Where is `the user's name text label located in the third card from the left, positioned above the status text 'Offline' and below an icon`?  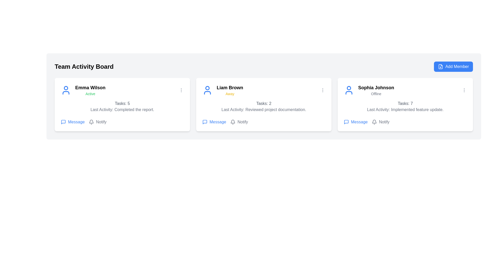 the user's name text label located in the third card from the left, positioned above the status text 'Offline' and below an icon is located at coordinates (376, 87).